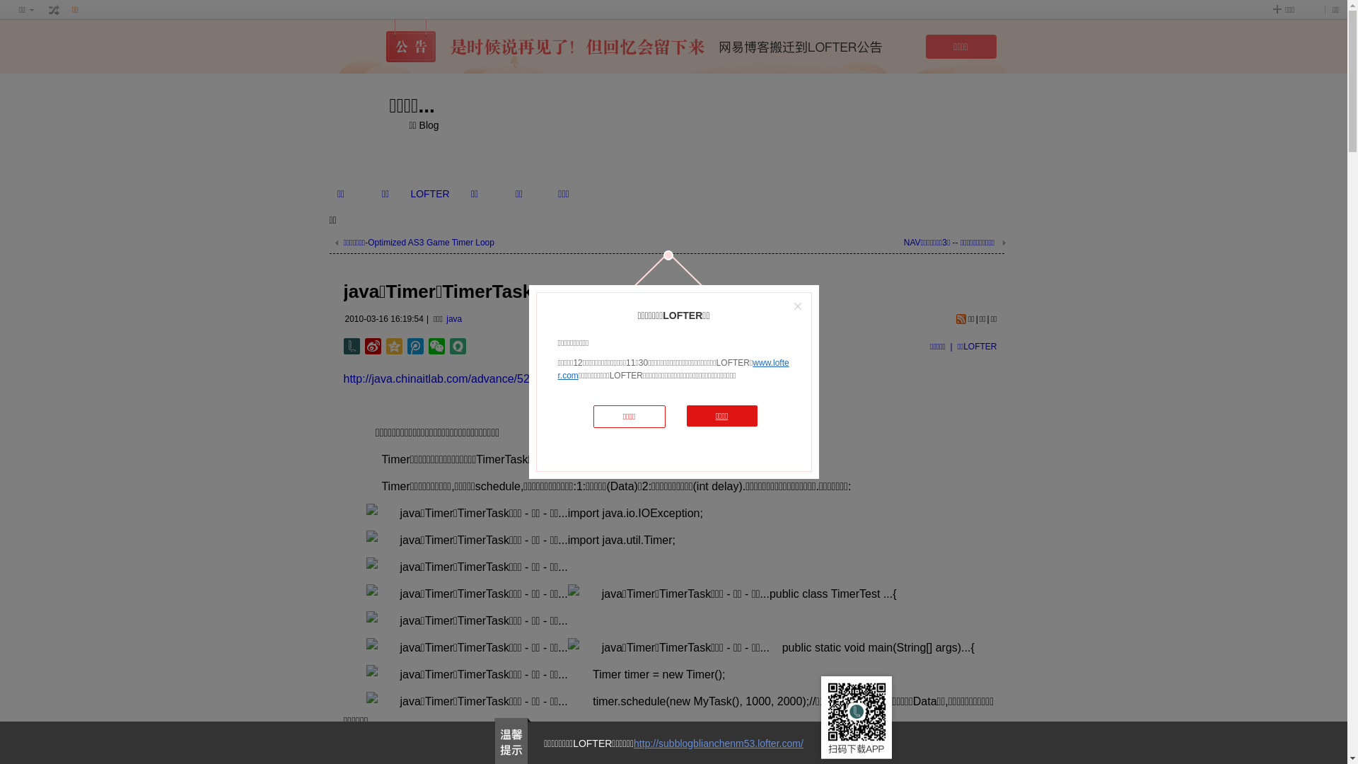 The image size is (1358, 764). Describe the element at coordinates (454, 319) in the screenshot. I see `'java'` at that location.